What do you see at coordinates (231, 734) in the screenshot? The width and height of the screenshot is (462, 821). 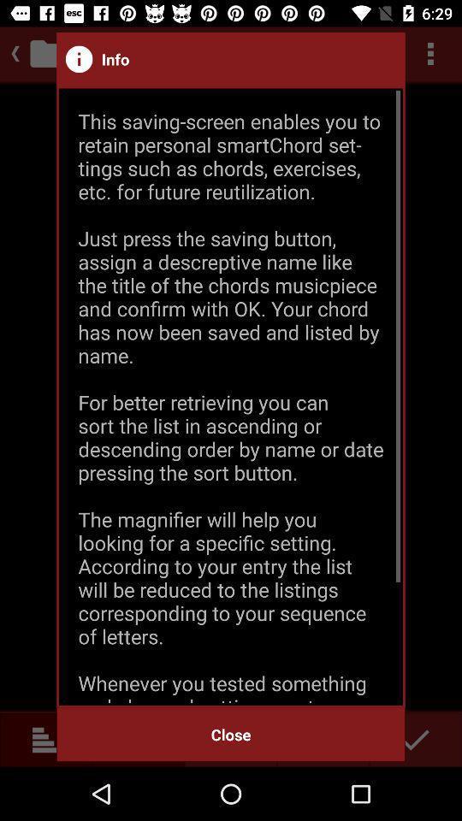 I see `the close item` at bounding box center [231, 734].